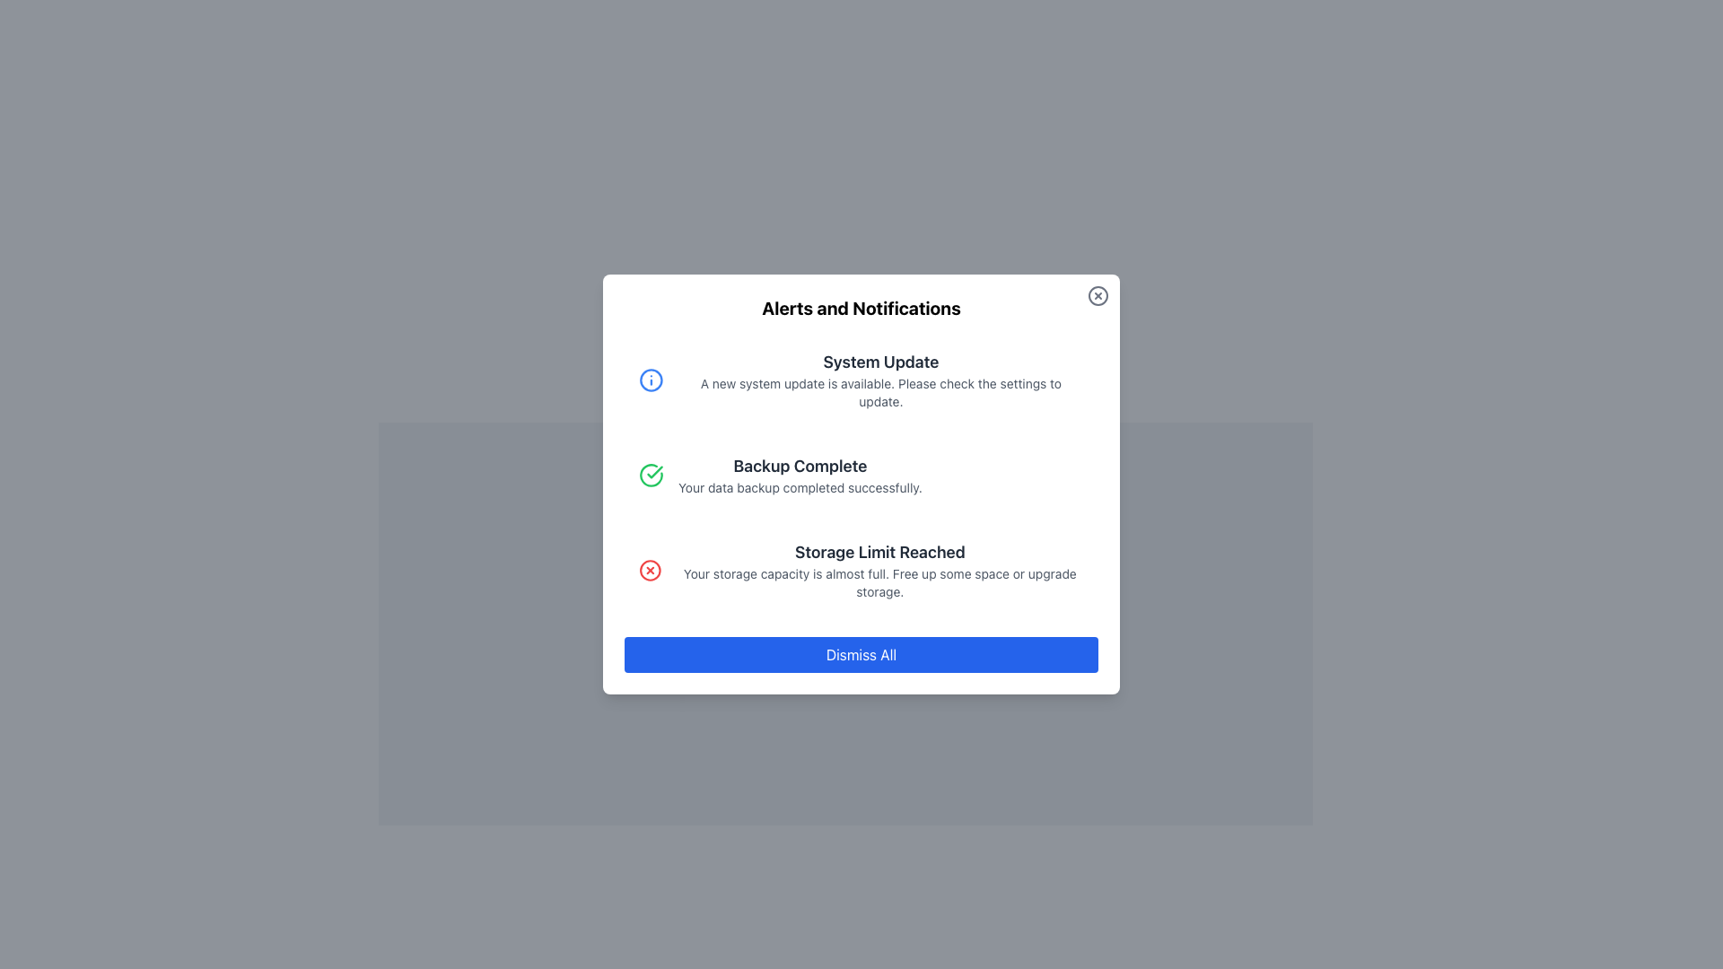 This screenshot has height=969, width=1723. I want to click on notification titled 'Storage Limit Reached' which informs that the storage capacity is almost full and suggests freeing up space or upgrading storage, so click(879, 571).